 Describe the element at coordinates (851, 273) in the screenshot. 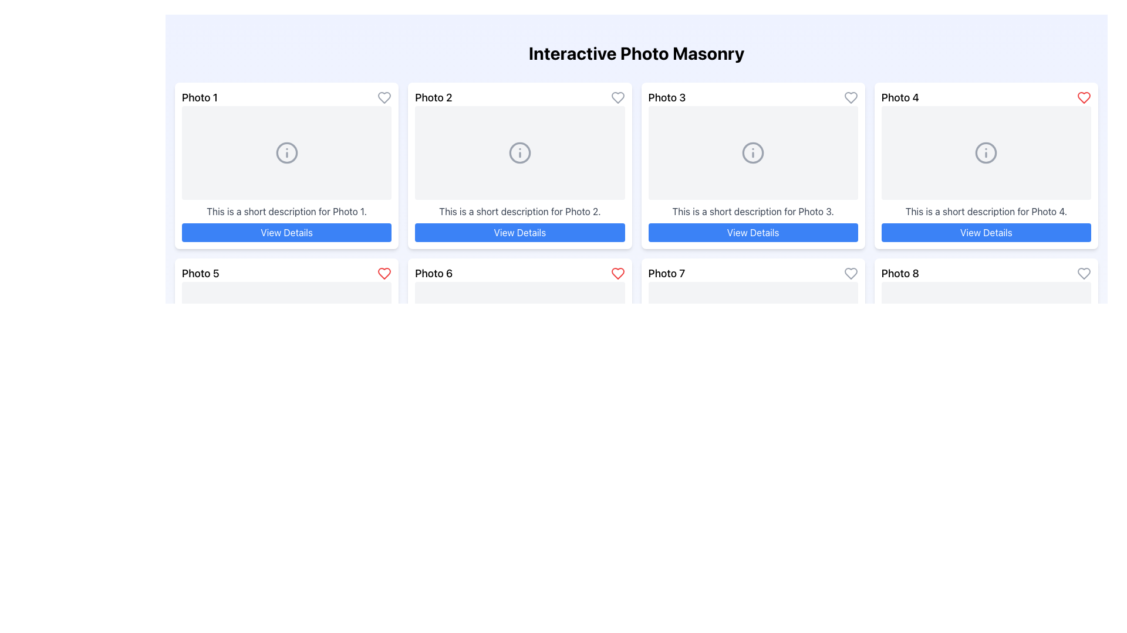

I see `the heart icon located in the bottom-right corner of the 'Photo 7' card` at that location.